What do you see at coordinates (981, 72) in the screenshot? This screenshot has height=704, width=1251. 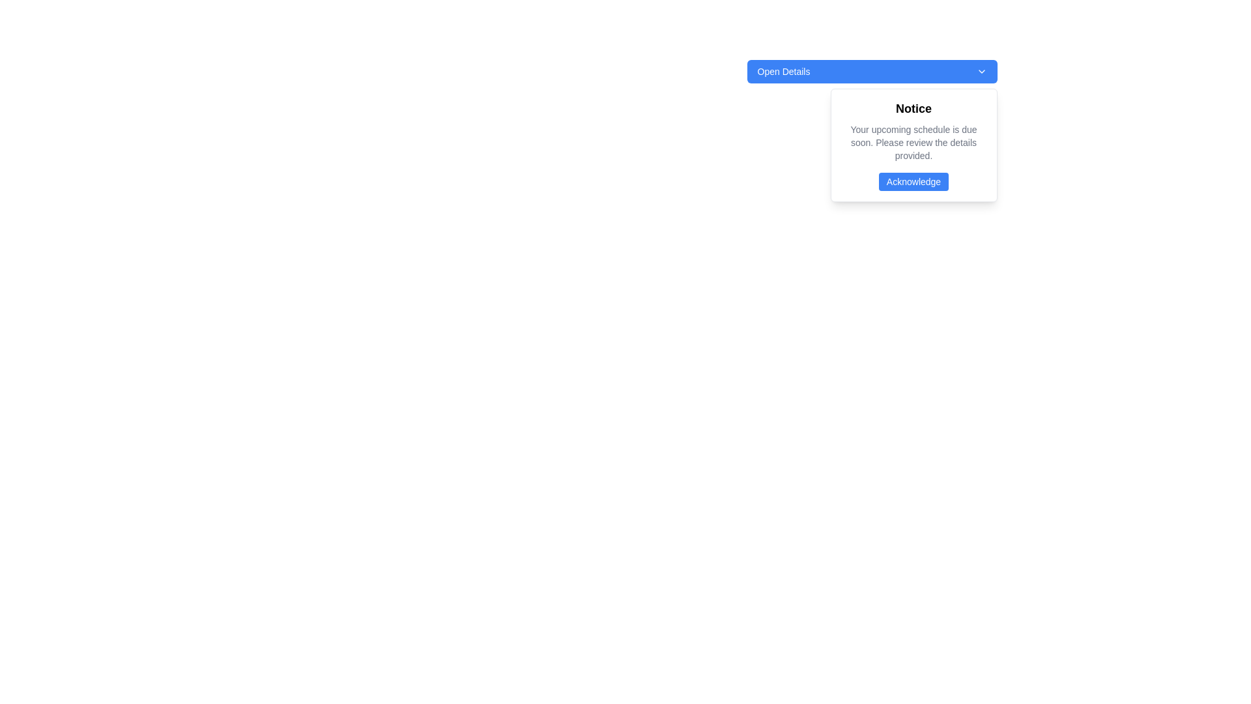 I see `the downward-pointing chevron icon located on the right side of the 'Open Details' button` at bounding box center [981, 72].